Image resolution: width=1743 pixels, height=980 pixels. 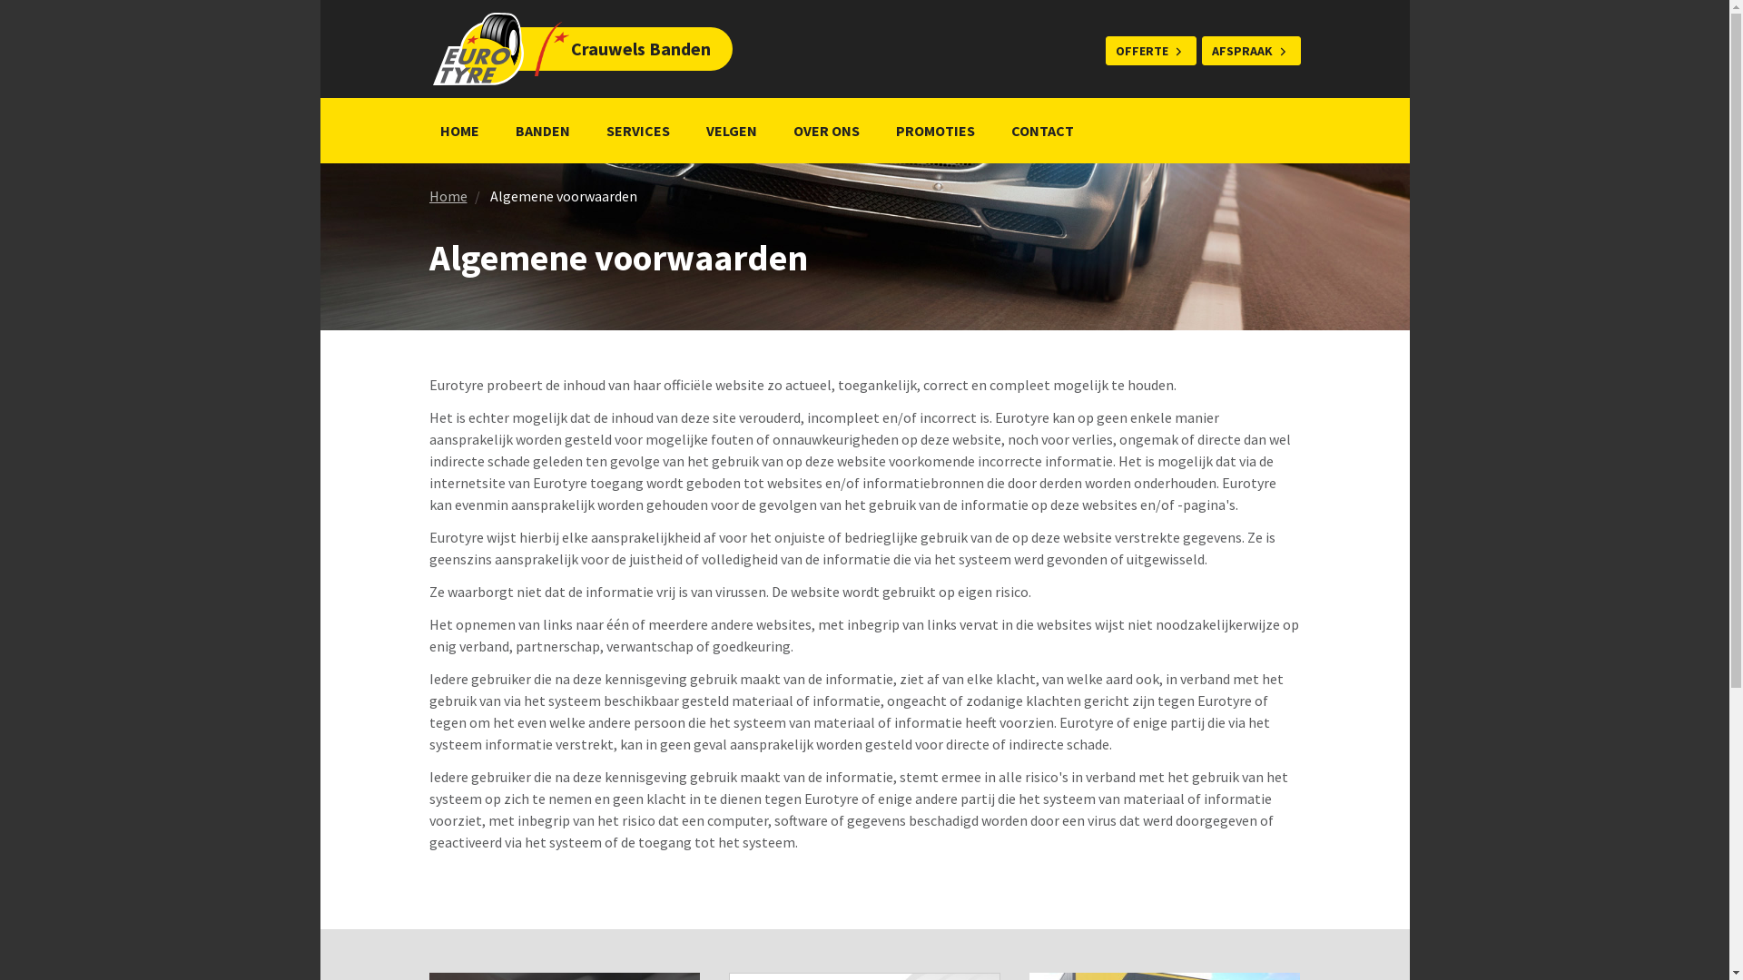 What do you see at coordinates (783, 129) in the screenshot?
I see `'OVER ONS'` at bounding box center [783, 129].